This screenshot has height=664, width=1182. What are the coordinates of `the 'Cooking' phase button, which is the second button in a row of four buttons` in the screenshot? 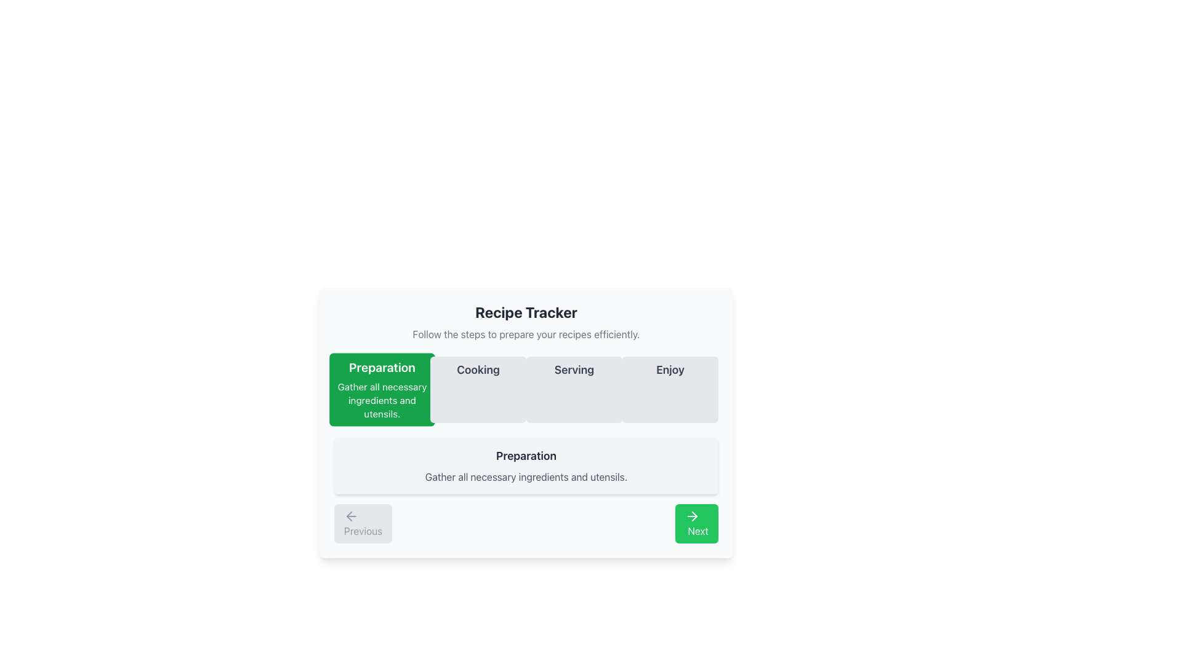 It's located at (478, 389).